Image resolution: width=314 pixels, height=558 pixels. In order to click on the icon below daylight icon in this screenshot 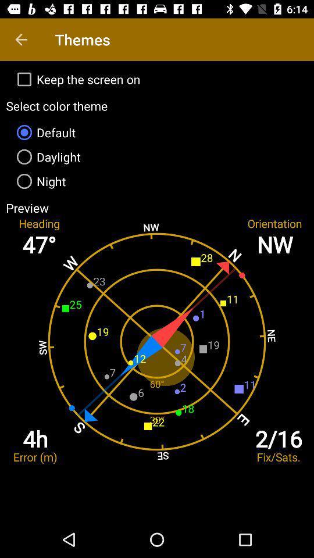, I will do `click(157, 181)`.